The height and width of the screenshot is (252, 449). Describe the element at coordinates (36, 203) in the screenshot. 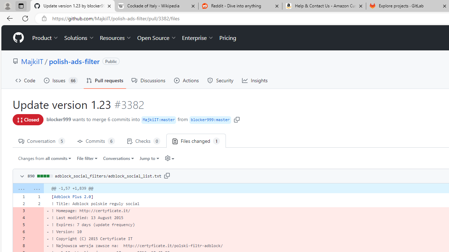

I see `'2'` at that location.